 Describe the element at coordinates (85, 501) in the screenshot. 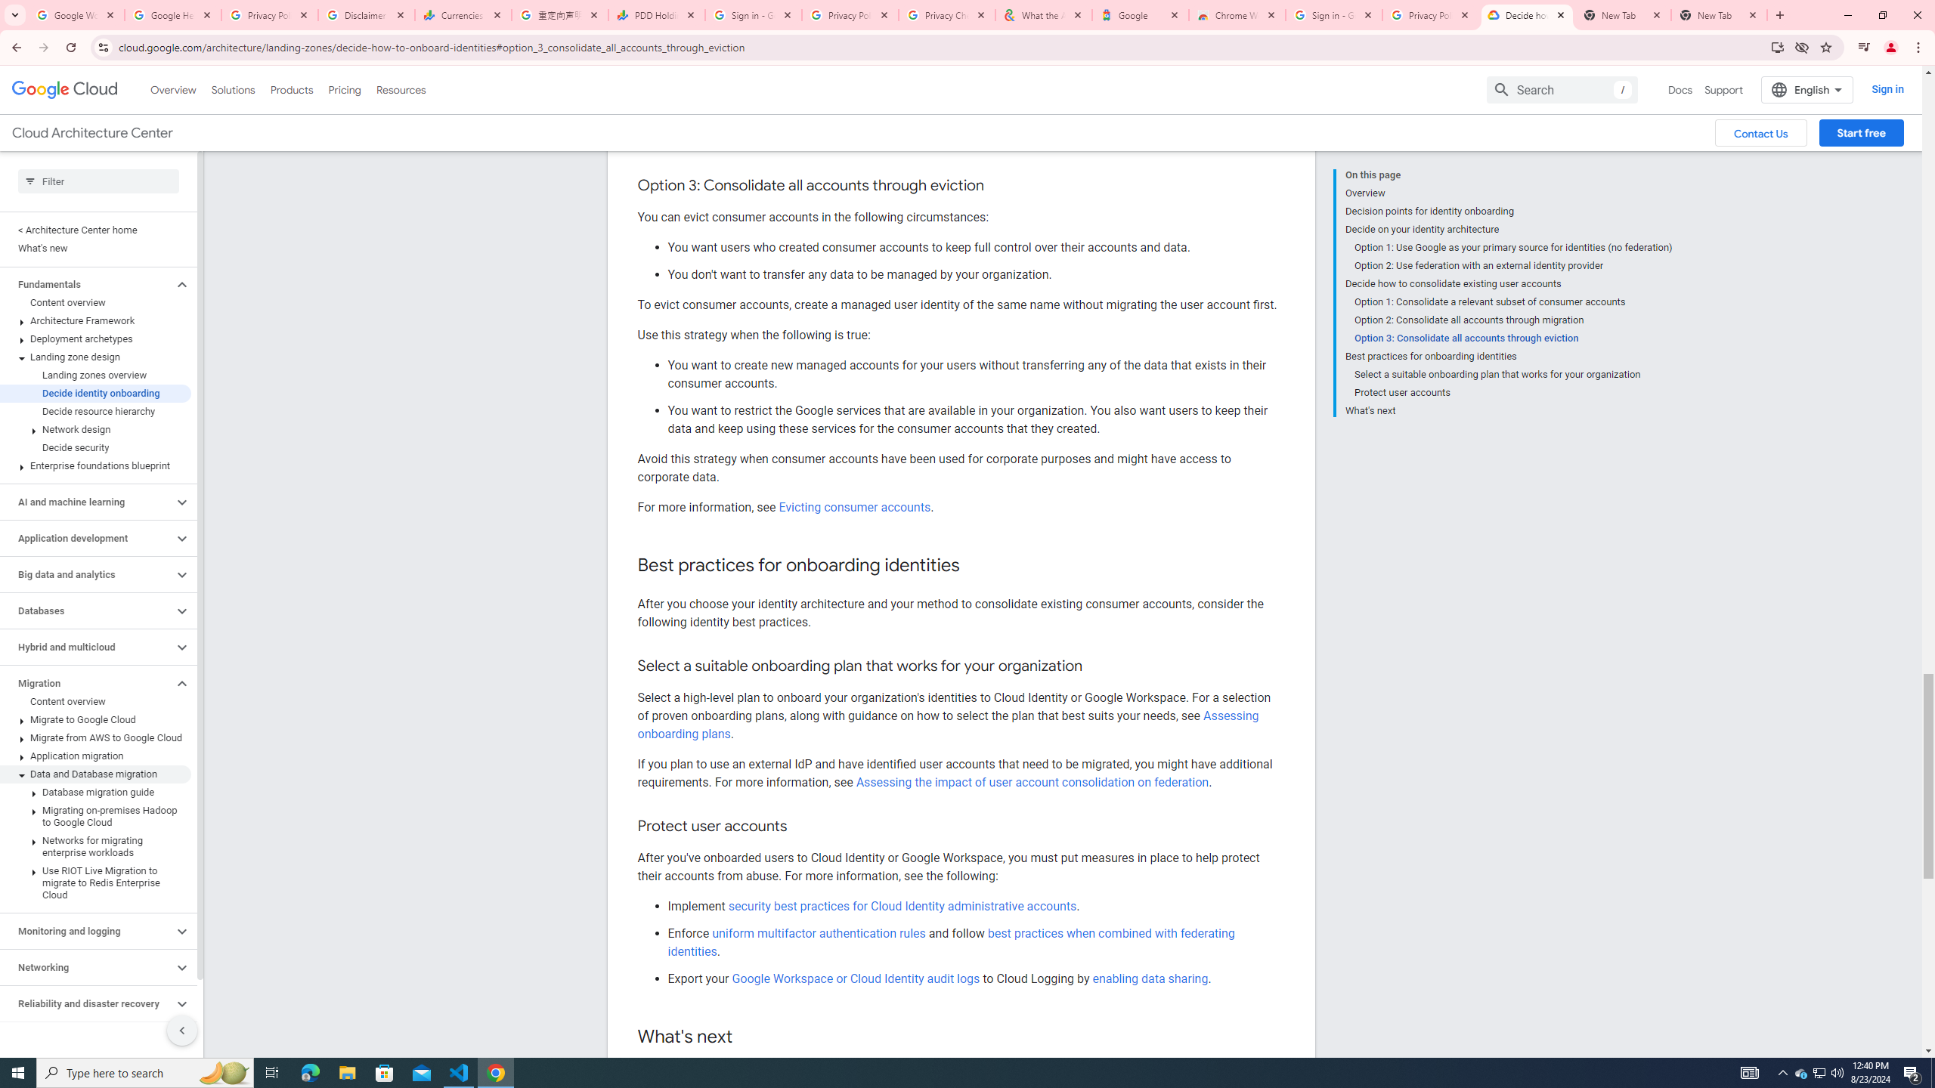

I see `'AI and machine learning'` at that location.